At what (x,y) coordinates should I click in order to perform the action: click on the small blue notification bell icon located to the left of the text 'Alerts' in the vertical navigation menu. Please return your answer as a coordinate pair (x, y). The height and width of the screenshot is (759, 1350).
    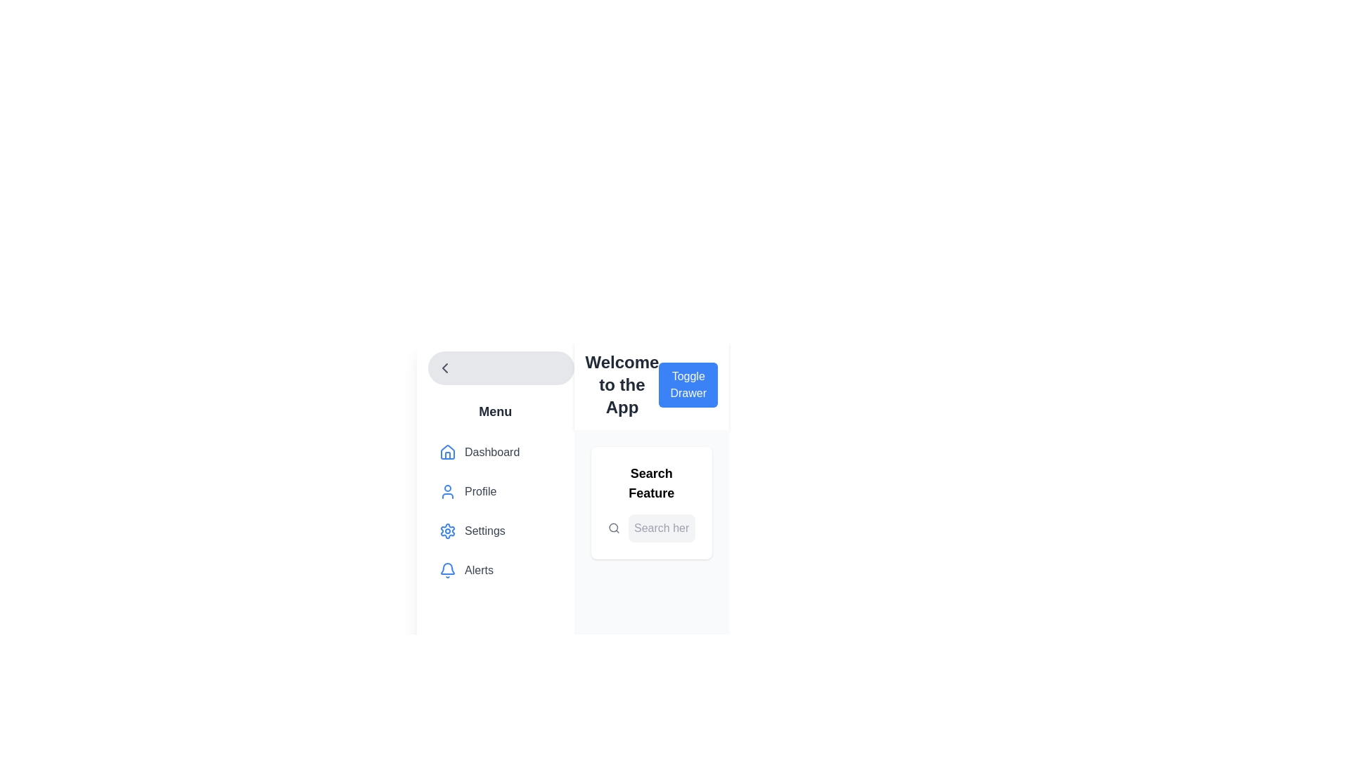
    Looking at the image, I should click on (447, 571).